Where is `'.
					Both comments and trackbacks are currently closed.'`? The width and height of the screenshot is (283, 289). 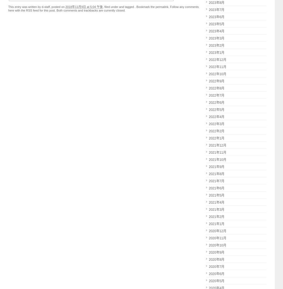 '.
					Both comments and trackbacks are currently closed.' is located at coordinates (90, 10).